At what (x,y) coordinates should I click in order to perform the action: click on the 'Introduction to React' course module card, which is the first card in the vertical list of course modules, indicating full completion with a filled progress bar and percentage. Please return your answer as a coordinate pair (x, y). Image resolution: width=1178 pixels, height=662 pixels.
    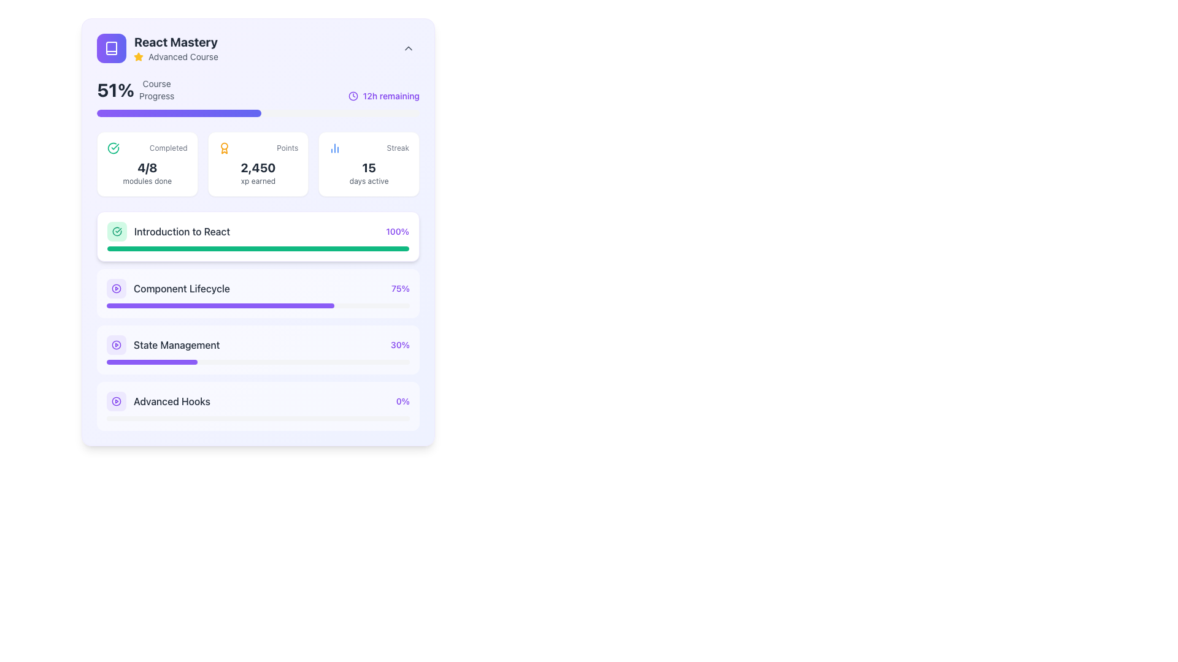
    Looking at the image, I should click on (258, 236).